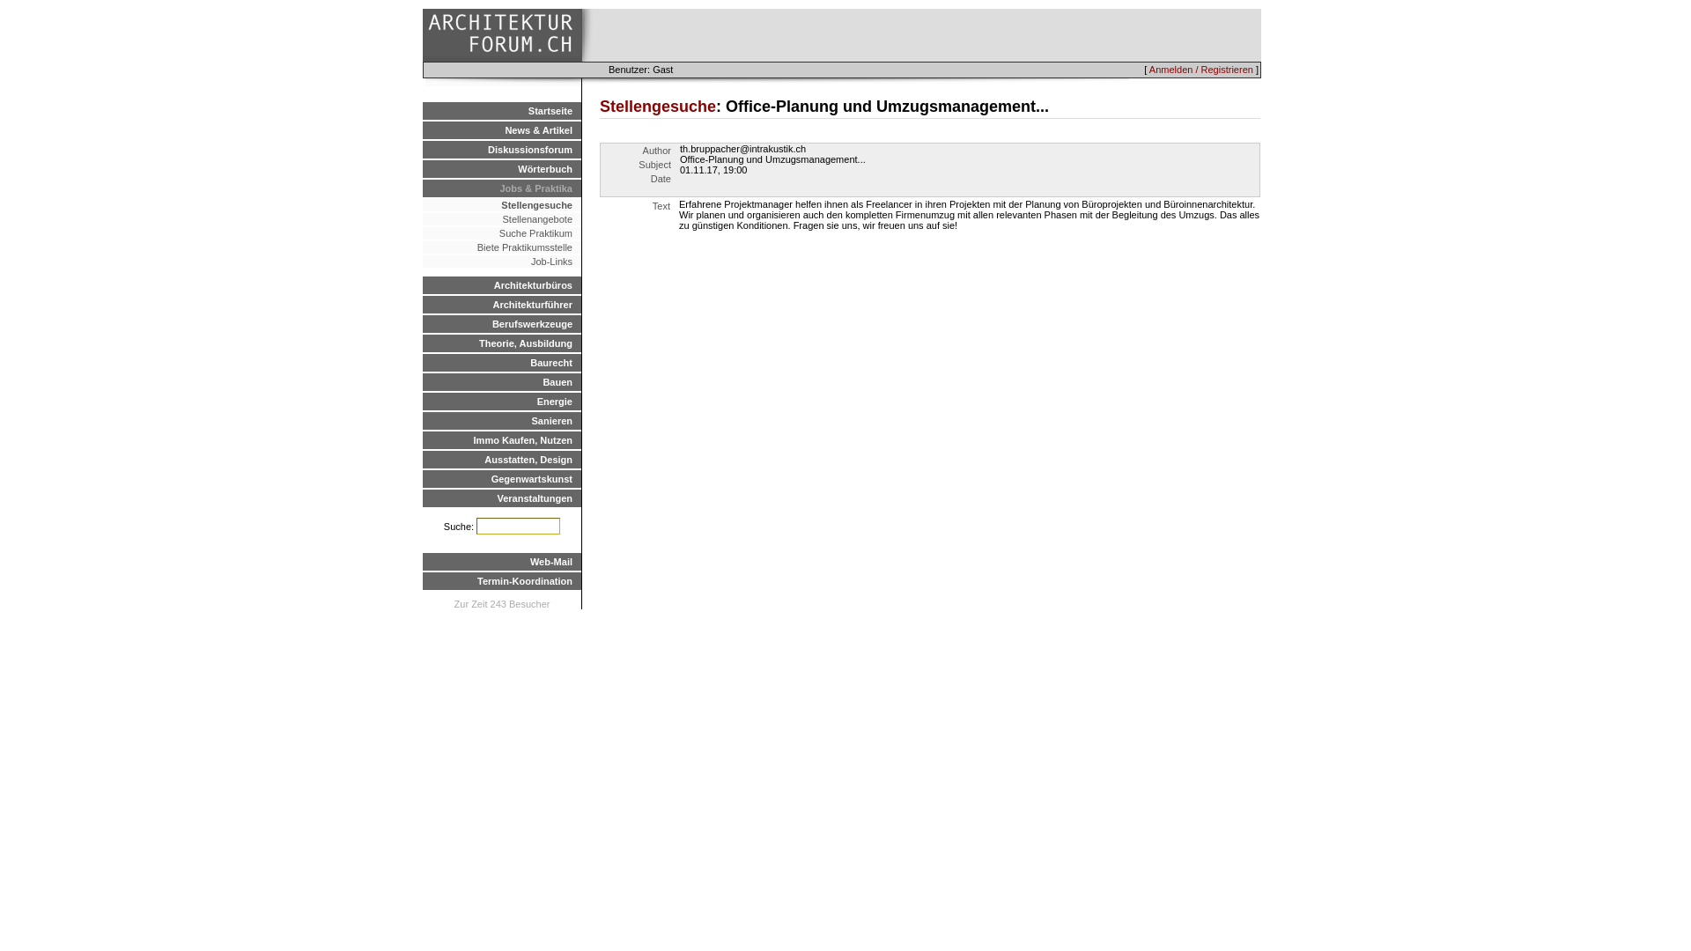 Image resolution: width=1691 pixels, height=951 pixels. What do you see at coordinates (501, 232) in the screenshot?
I see `'Suche Praktikum'` at bounding box center [501, 232].